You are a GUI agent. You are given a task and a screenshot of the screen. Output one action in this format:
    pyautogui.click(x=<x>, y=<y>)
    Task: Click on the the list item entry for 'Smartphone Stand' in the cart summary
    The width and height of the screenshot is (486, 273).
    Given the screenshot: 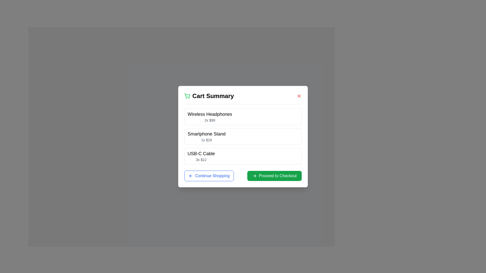 What is the action you would take?
    pyautogui.click(x=207, y=136)
    